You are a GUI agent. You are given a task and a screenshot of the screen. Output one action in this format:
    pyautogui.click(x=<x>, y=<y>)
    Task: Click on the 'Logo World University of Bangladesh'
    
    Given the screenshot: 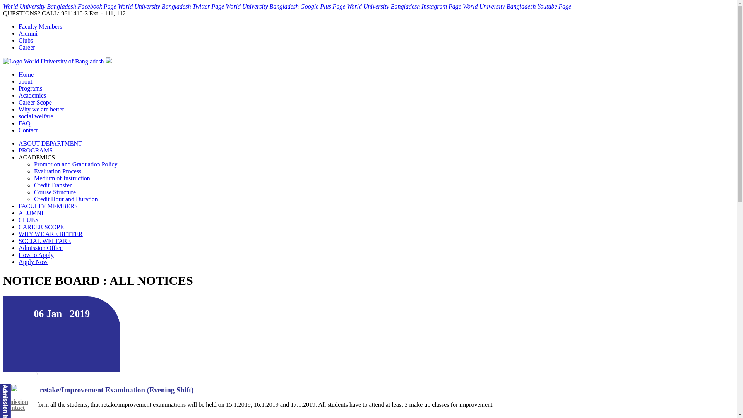 What is the action you would take?
    pyautogui.click(x=53, y=61)
    